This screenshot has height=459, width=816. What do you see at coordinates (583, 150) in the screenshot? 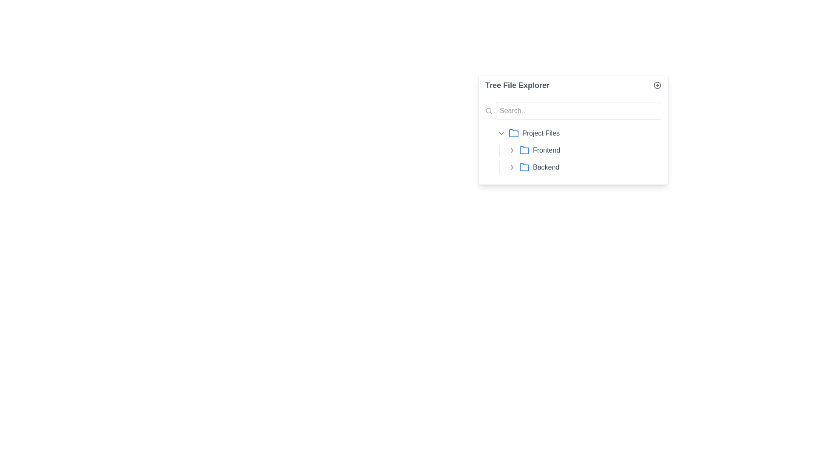
I see `the 'Frontend' folder in the Tree File Explorer` at bounding box center [583, 150].